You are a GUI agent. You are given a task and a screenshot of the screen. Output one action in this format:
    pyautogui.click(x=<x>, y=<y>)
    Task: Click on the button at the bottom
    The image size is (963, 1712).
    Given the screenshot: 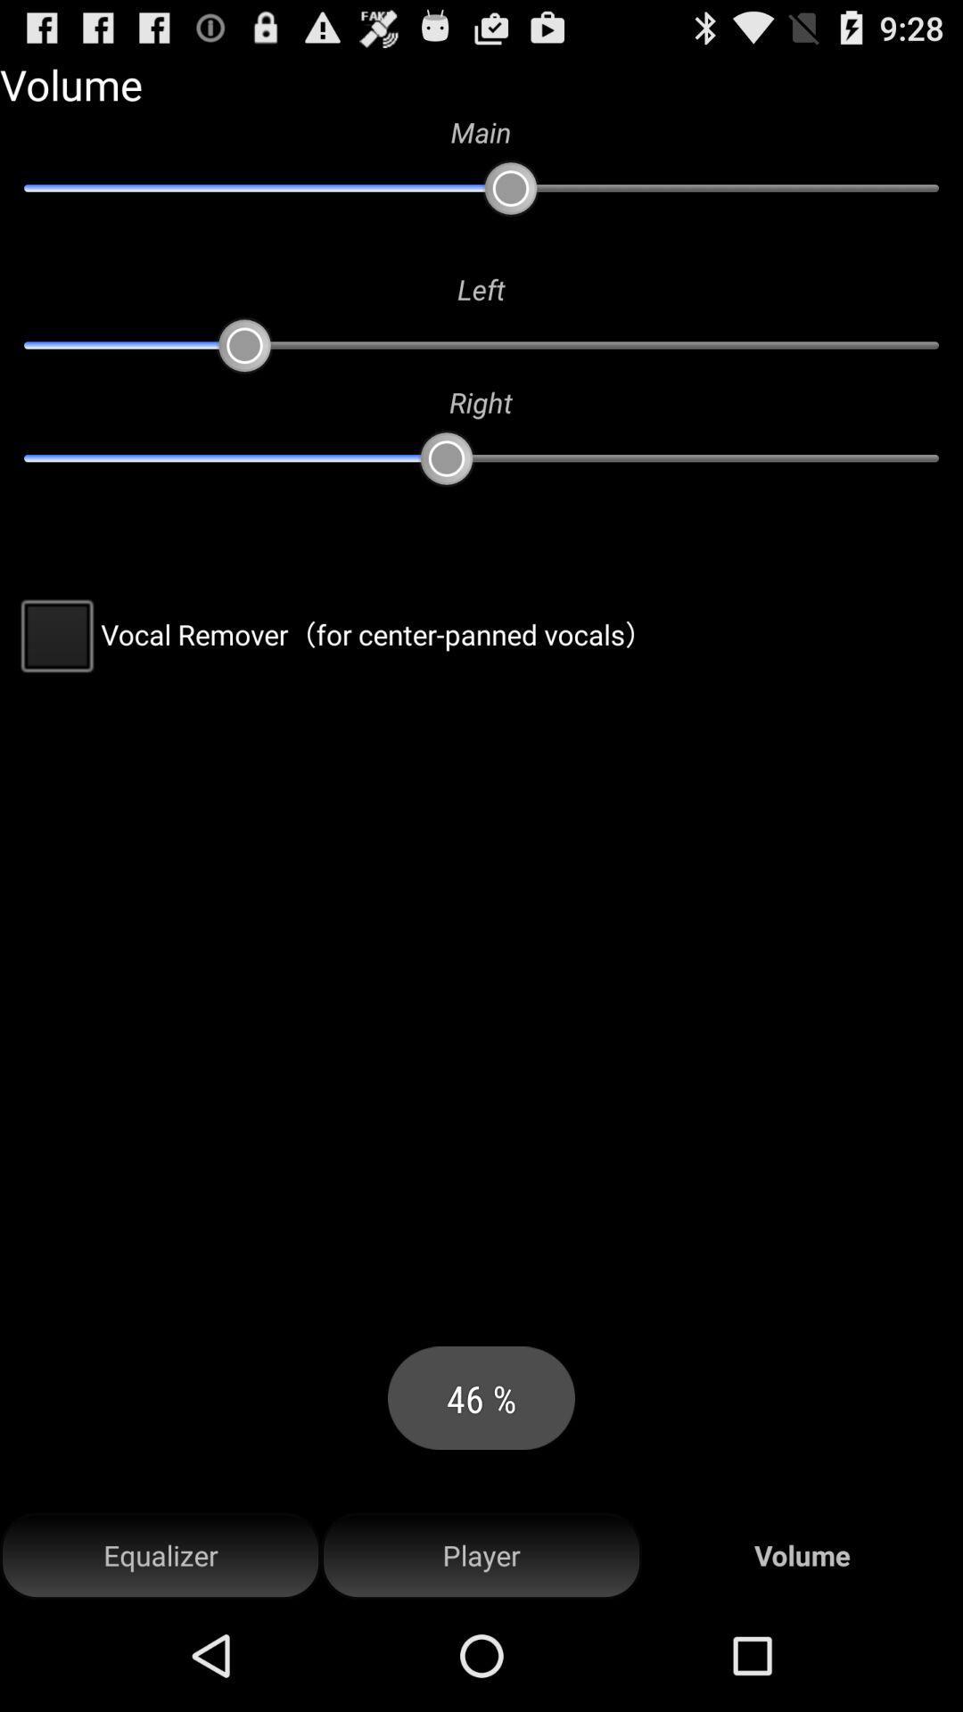 What is the action you would take?
    pyautogui.click(x=481, y=1555)
    